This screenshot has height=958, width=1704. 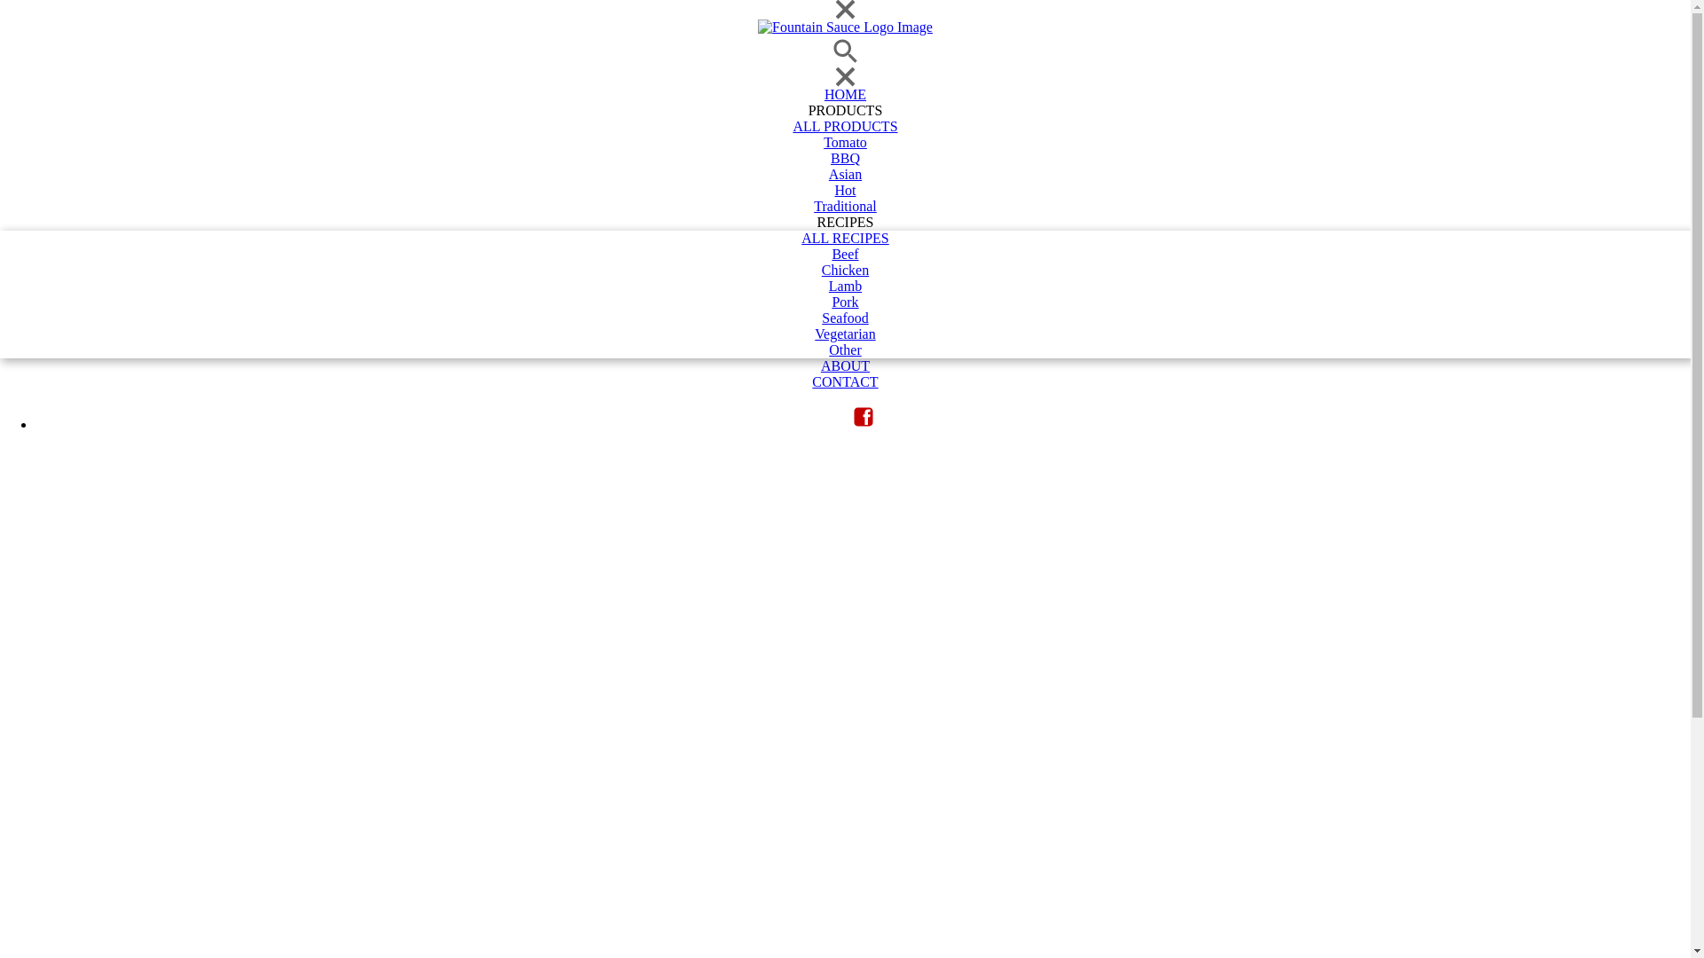 I want to click on 'PRODUCTS', so click(x=844, y=110).